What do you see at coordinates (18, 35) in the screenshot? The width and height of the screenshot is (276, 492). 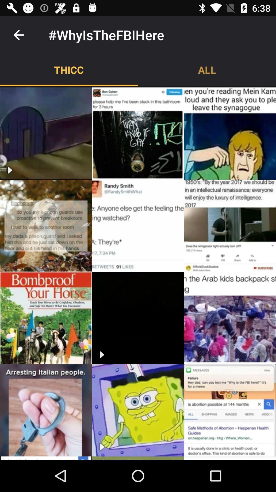 I see `item to the left of #whyisthefbihere` at bounding box center [18, 35].